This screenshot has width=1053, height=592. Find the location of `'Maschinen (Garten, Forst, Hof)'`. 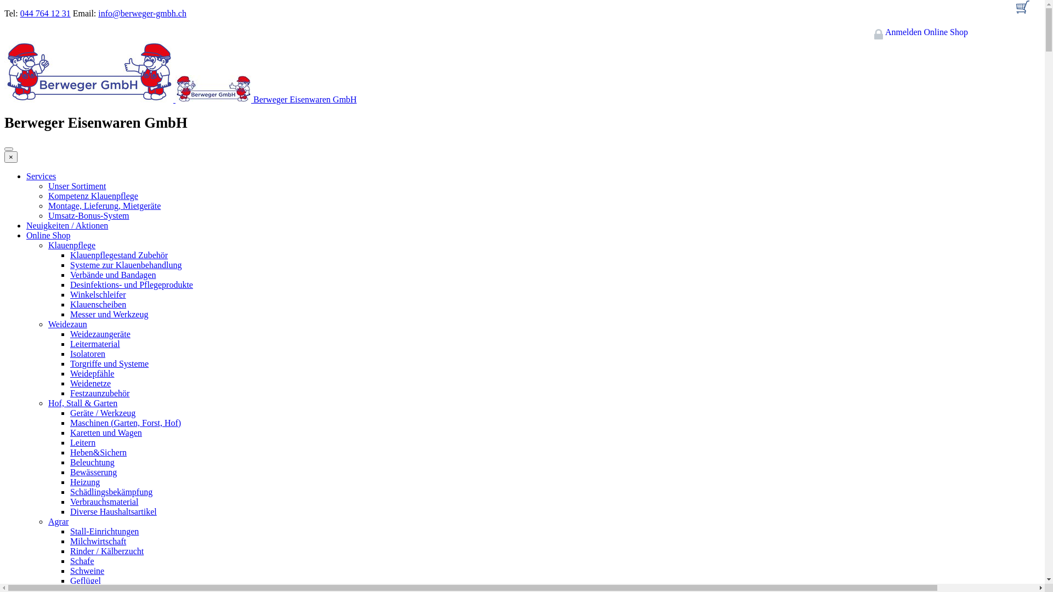

'Maschinen (Garten, Forst, Hof)' is located at coordinates (126, 422).